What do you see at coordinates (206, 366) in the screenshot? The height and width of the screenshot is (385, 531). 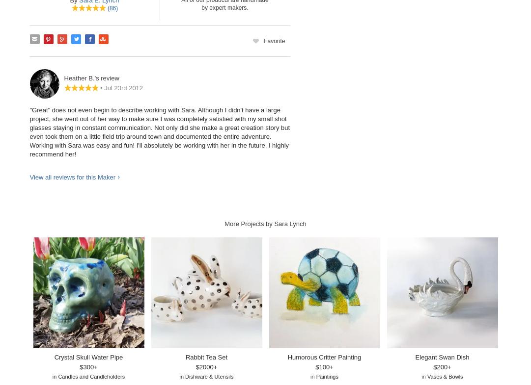 I see `'$2000+'` at bounding box center [206, 366].